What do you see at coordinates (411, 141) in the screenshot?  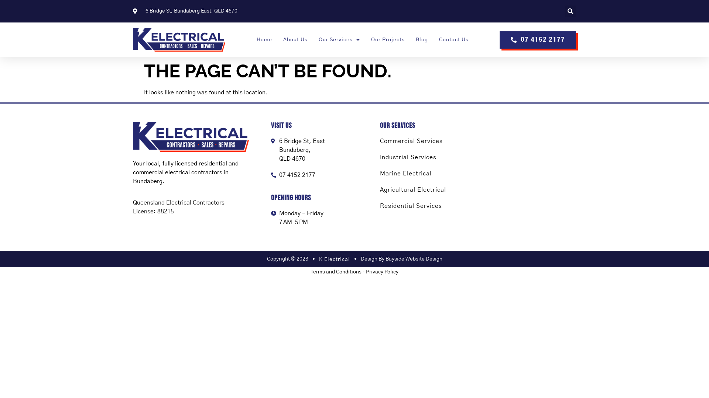 I see `'Commercial Services'` at bounding box center [411, 141].